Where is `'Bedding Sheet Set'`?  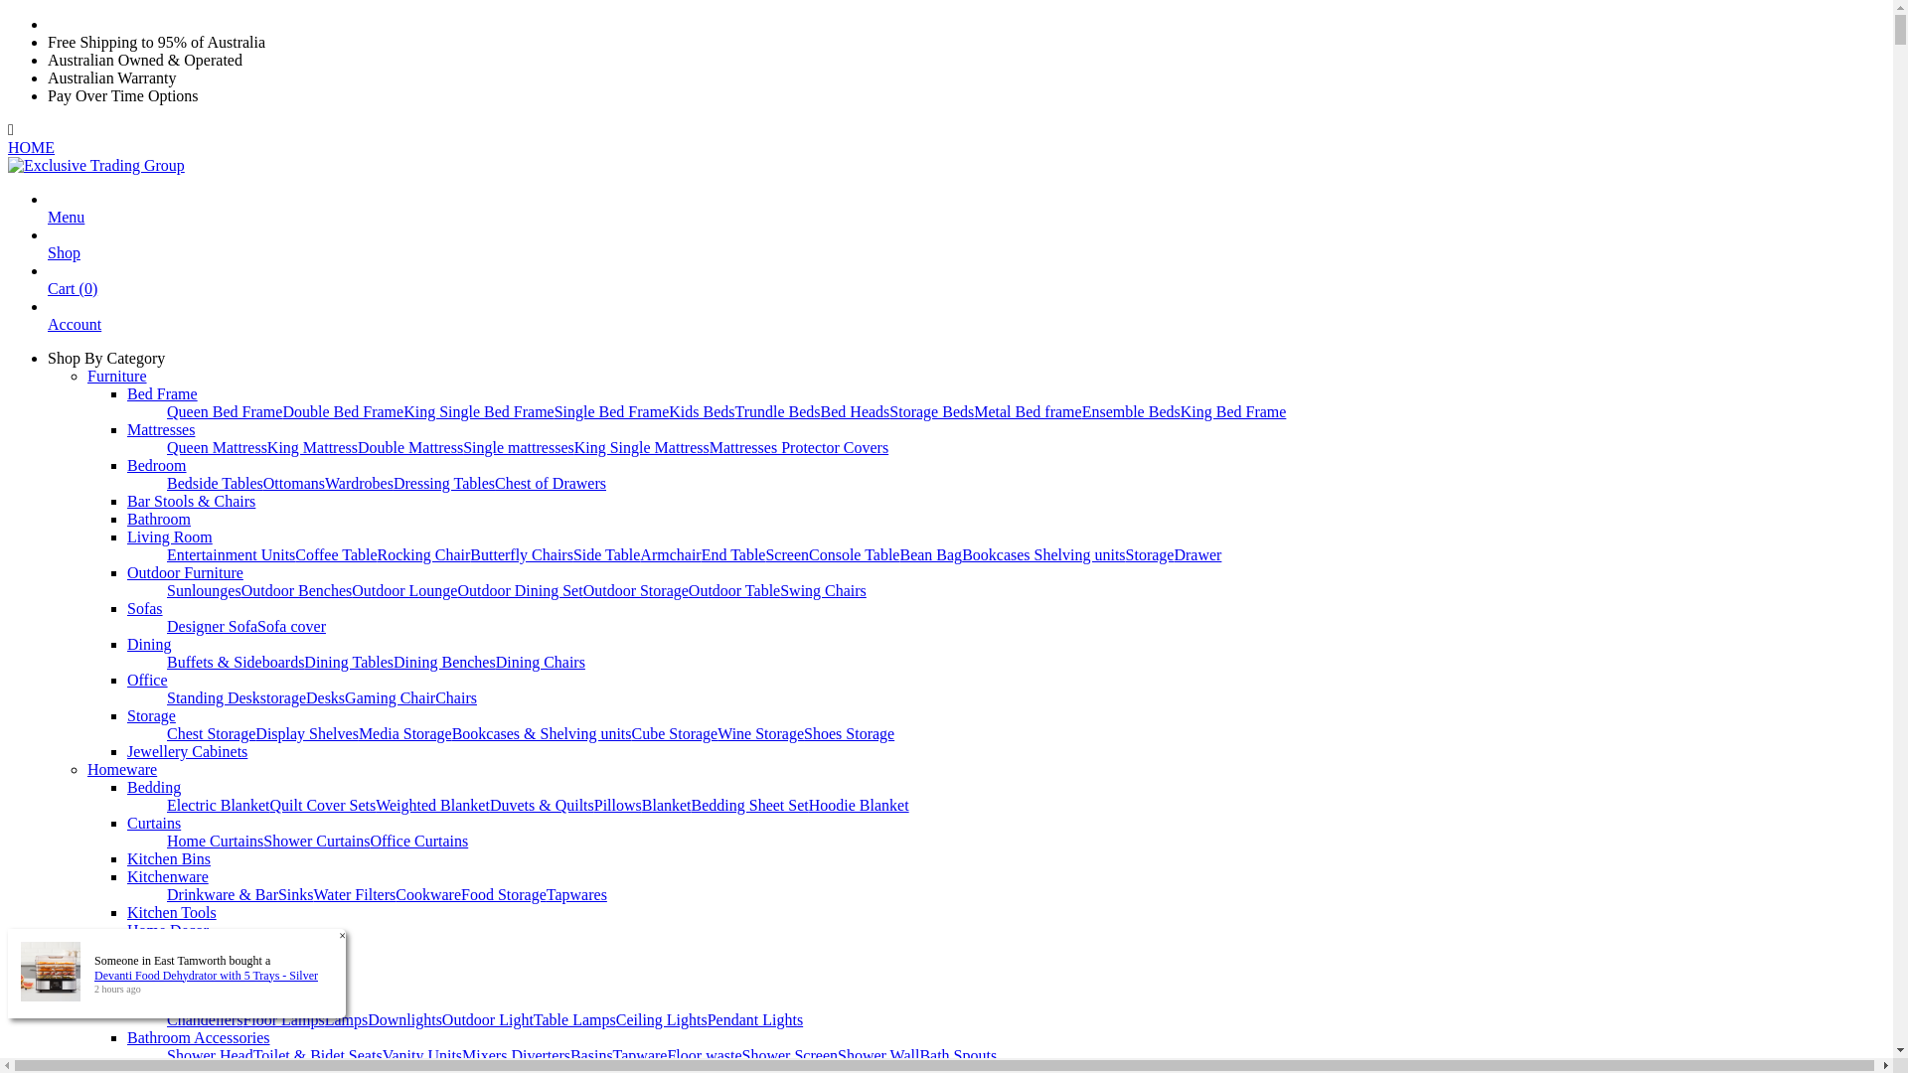 'Bedding Sheet Set' is located at coordinates (748, 805).